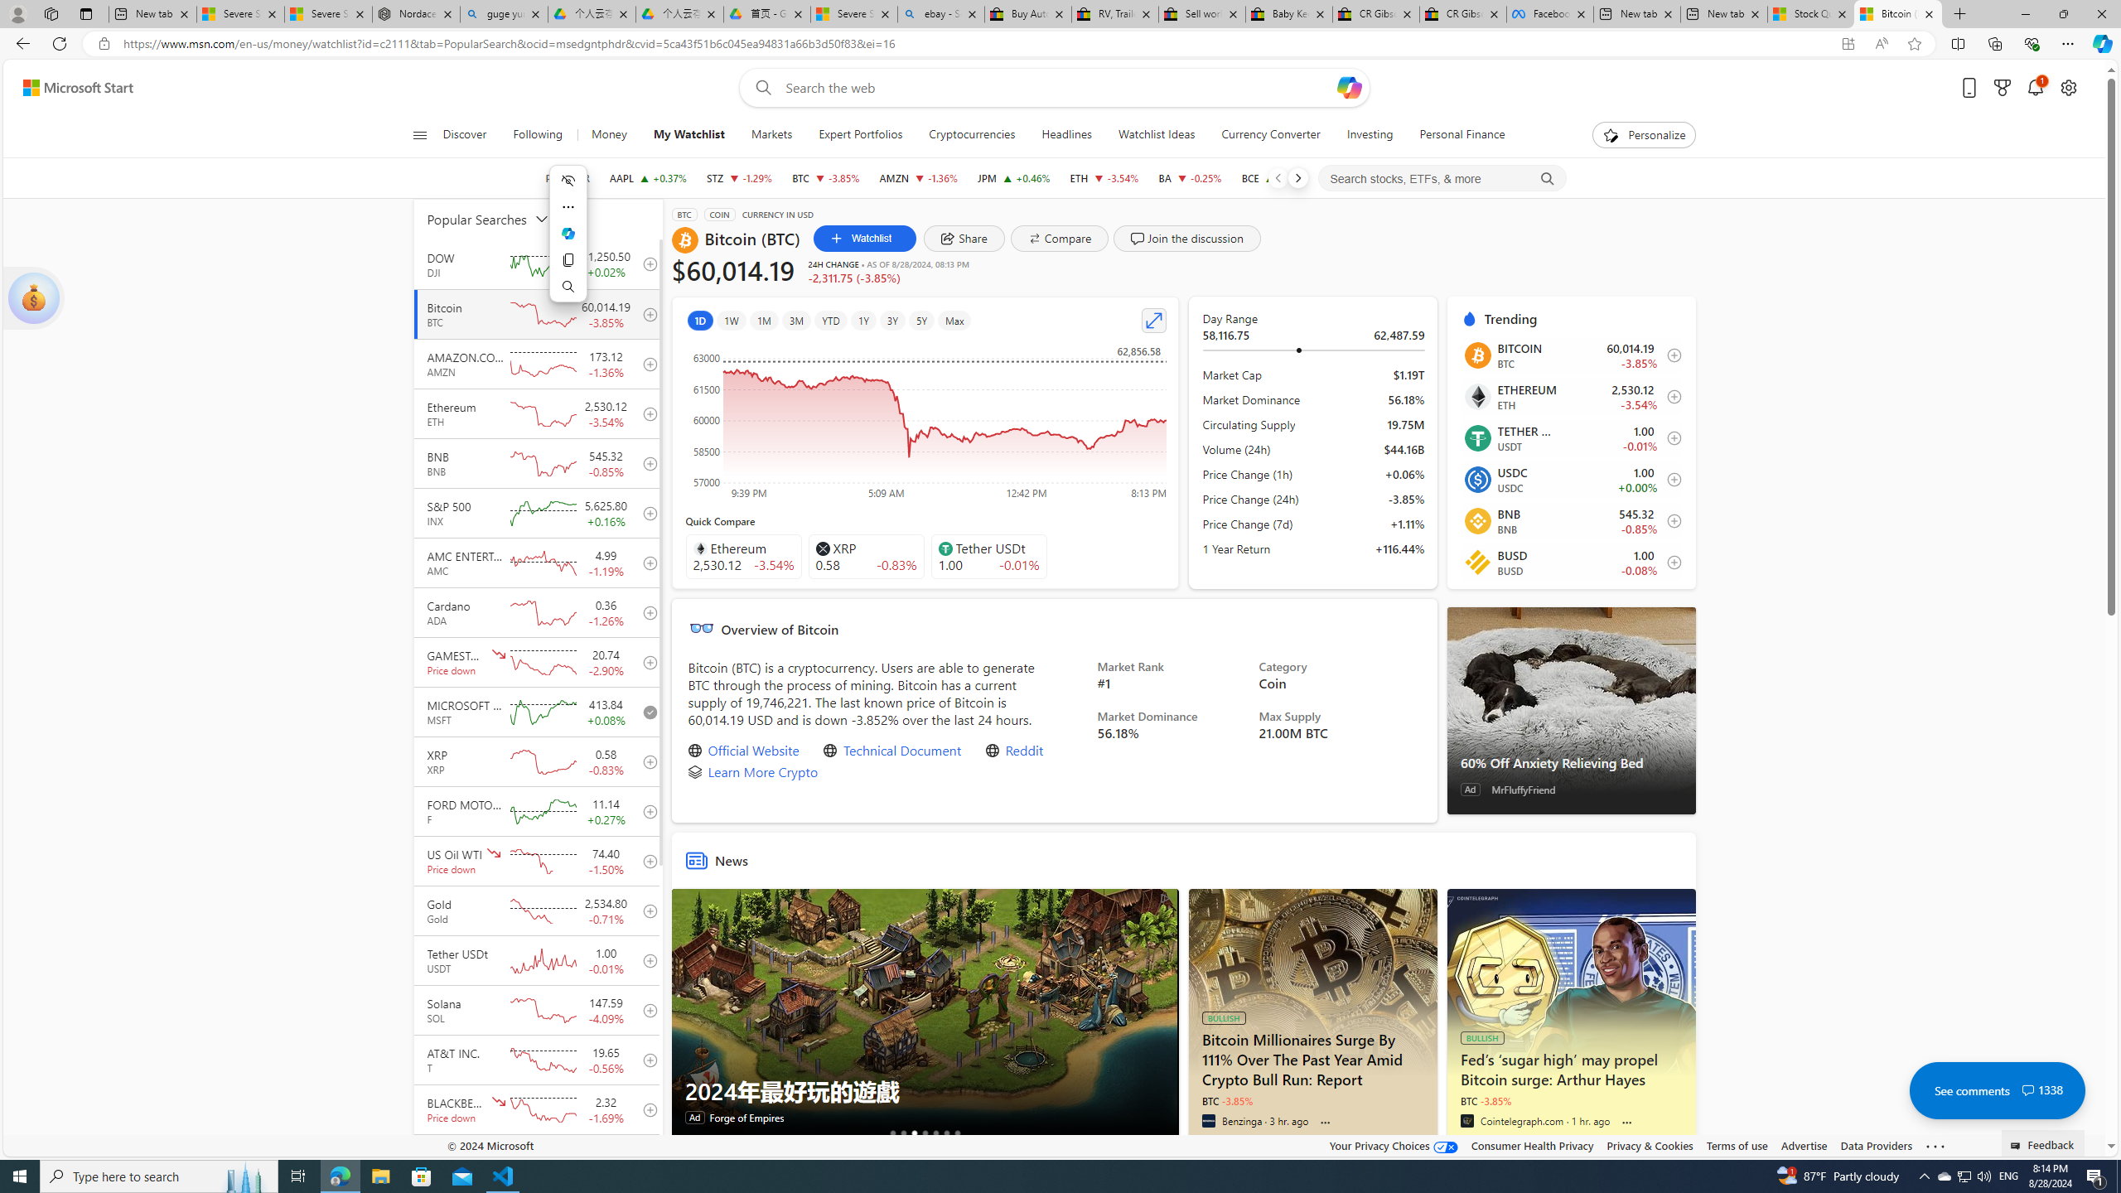 The height and width of the screenshot is (1193, 2121). Describe the element at coordinates (1570, 761) in the screenshot. I see `'60% Off Anxiety Relieving Bed'` at that location.